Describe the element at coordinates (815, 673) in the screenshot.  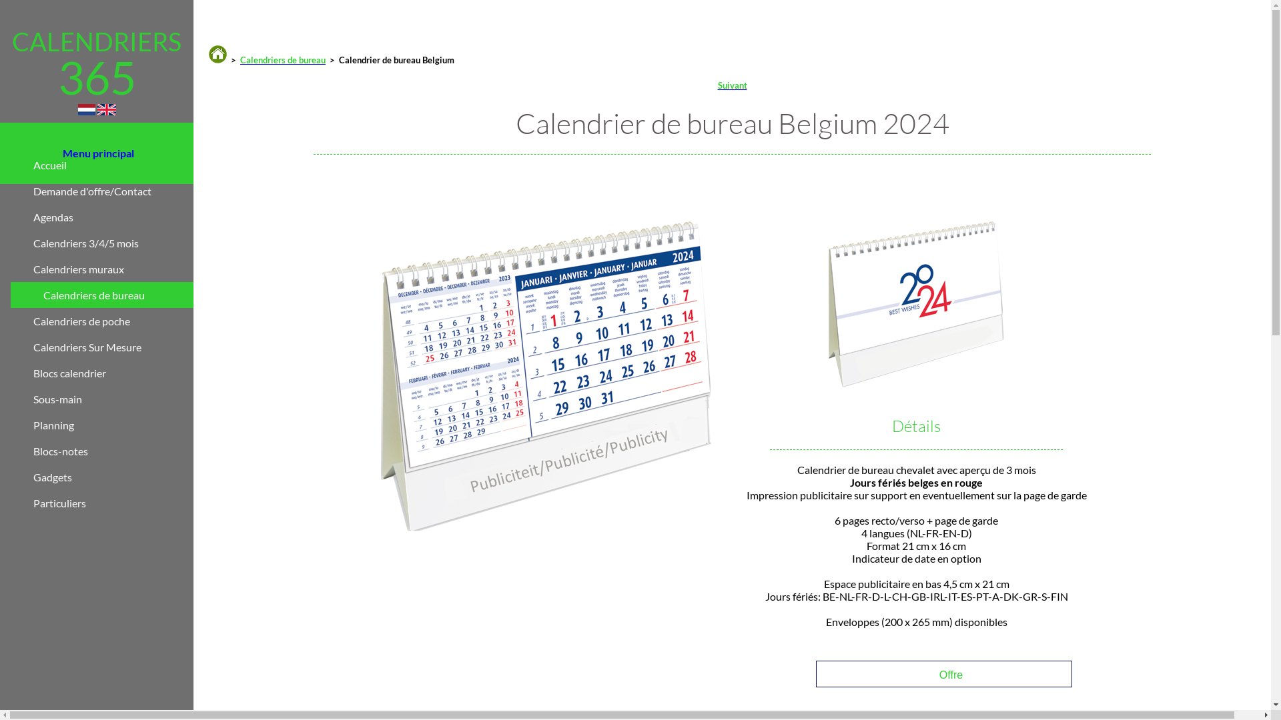
I see `'Offre'` at that location.